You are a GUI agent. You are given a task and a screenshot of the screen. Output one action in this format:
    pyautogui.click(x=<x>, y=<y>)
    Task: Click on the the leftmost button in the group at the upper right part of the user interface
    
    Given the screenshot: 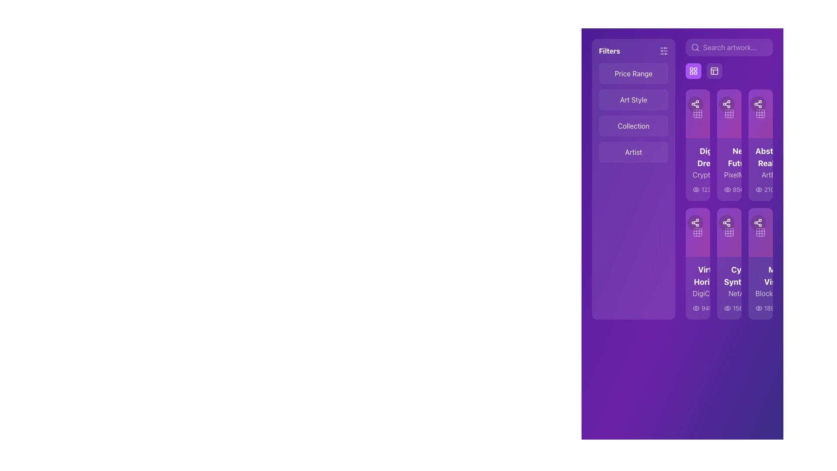 What is the action you would take?
    pyautogui.click(x=704, y=70)
    